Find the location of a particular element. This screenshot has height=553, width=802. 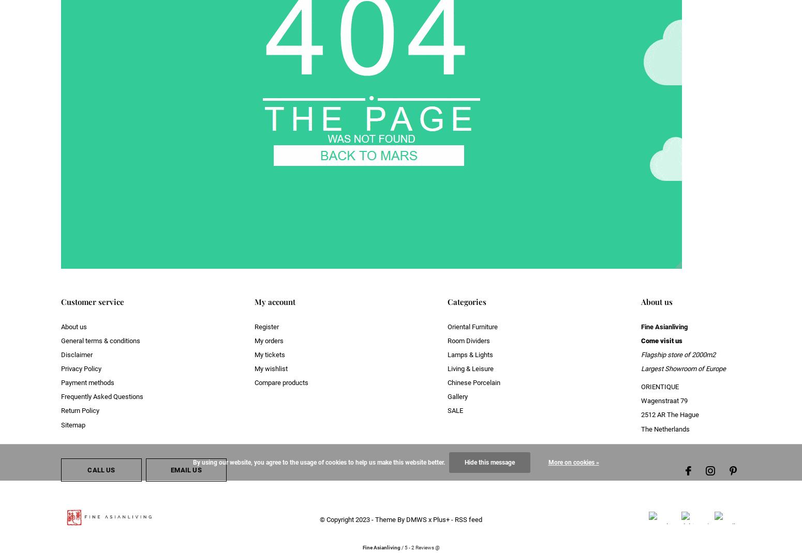

'Come visit us' is located at coordinates (660, 340).